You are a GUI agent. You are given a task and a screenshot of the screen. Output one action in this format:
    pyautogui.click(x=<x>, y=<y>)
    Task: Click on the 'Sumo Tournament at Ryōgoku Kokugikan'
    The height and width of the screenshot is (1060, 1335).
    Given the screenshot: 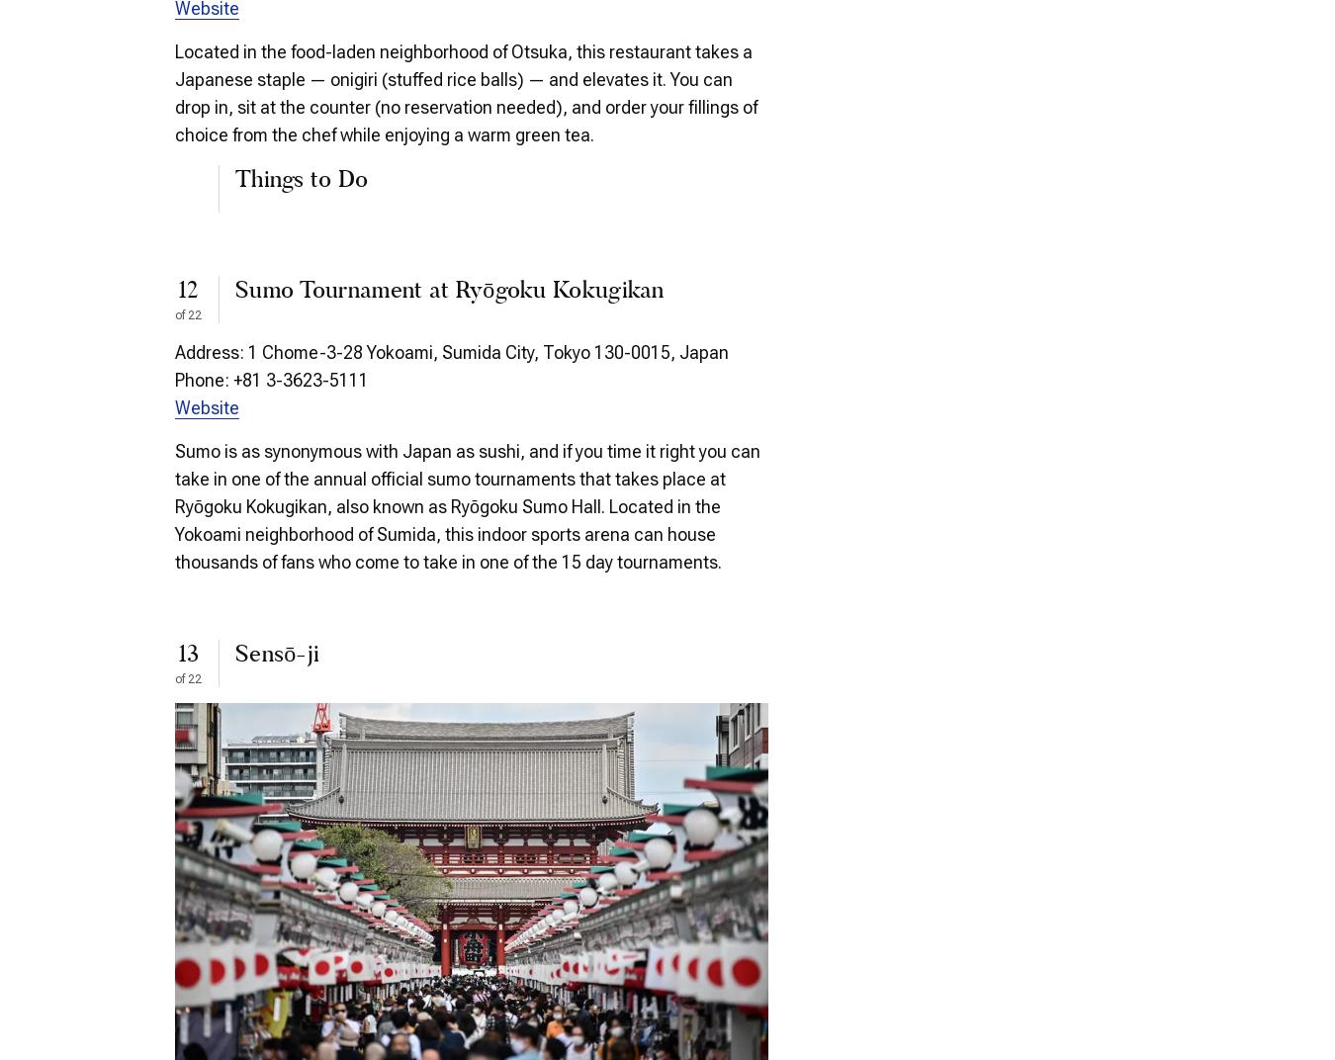 What is the action you would take?
    pyautogui.click(x=234, y=291)
    